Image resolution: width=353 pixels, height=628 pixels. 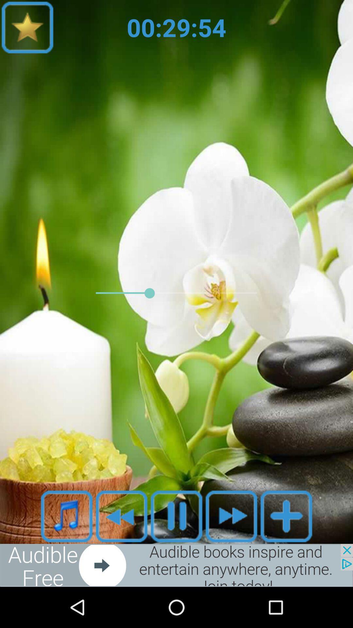 I want to click on the pause icon, so click(x=176, y=516).